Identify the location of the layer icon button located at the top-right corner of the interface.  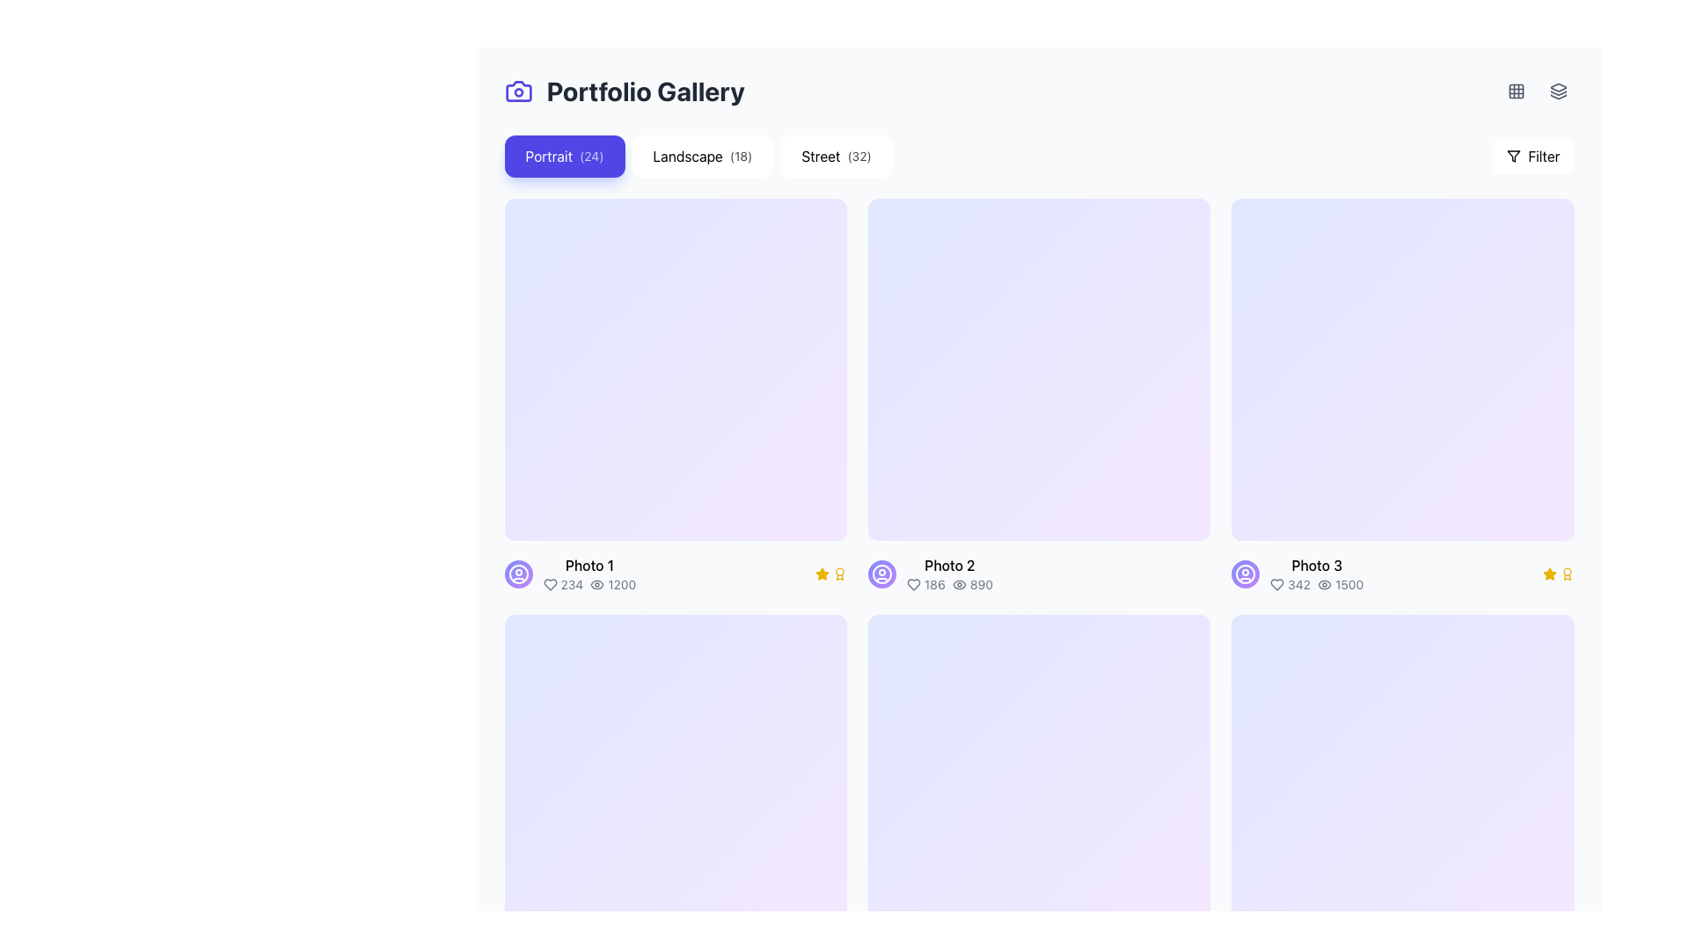
(1558, 91).